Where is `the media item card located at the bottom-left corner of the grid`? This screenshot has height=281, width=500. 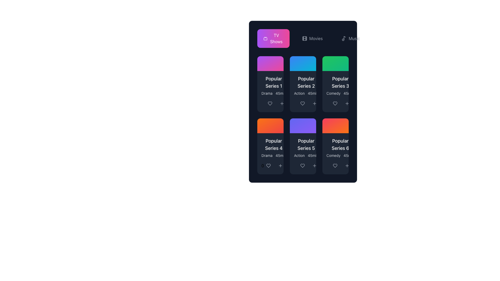
the media item card located at the bottom-left corner of the grid is located at coordinates (270, 146).